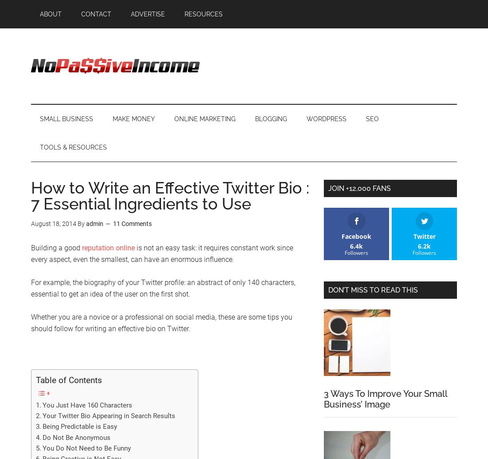 The image size is (488, 459). I want to click on 'Tools & Resources', so click(73, 147).